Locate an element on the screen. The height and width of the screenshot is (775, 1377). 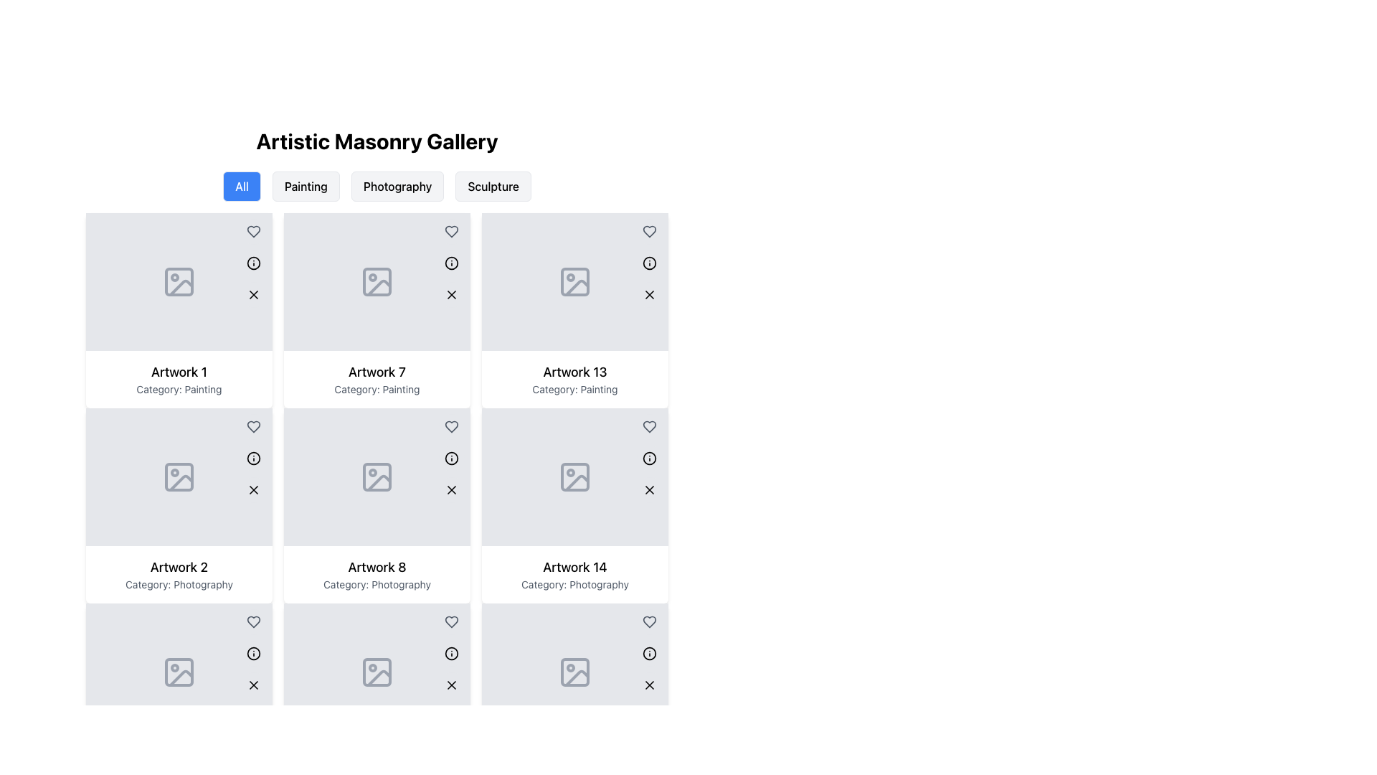
the circular icon with an 'i' symbol in the upper-right corner of the card labeled 'Artwork 2' is located at coordinates (254, 459).